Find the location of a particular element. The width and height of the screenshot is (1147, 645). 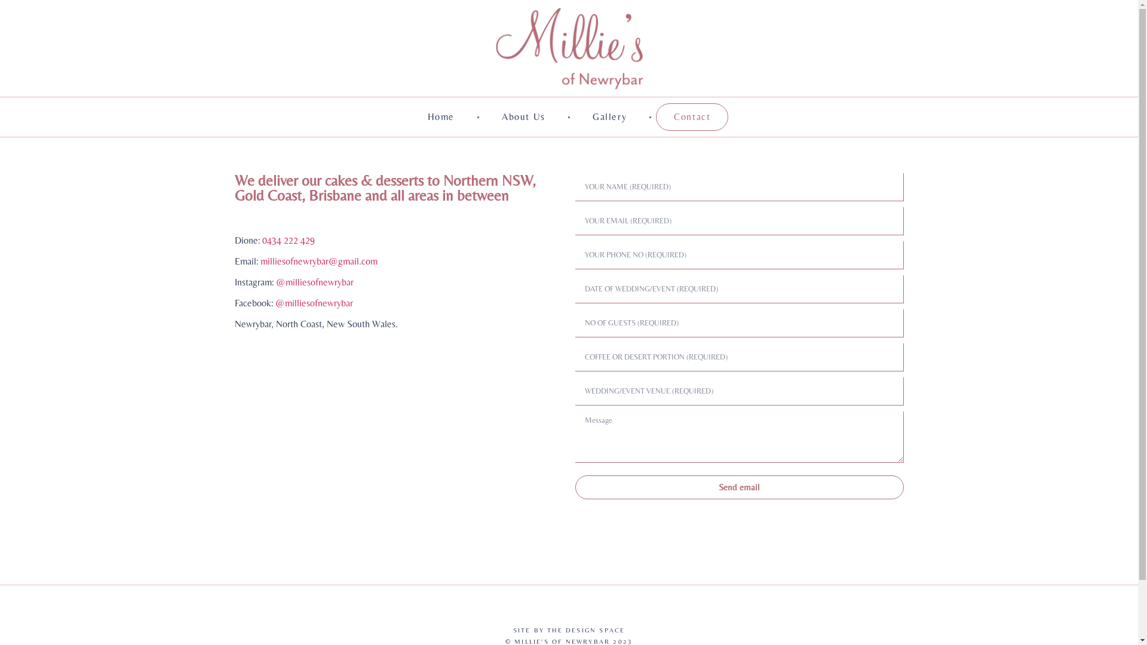

'Contact' is located at coordinates (692, 117).